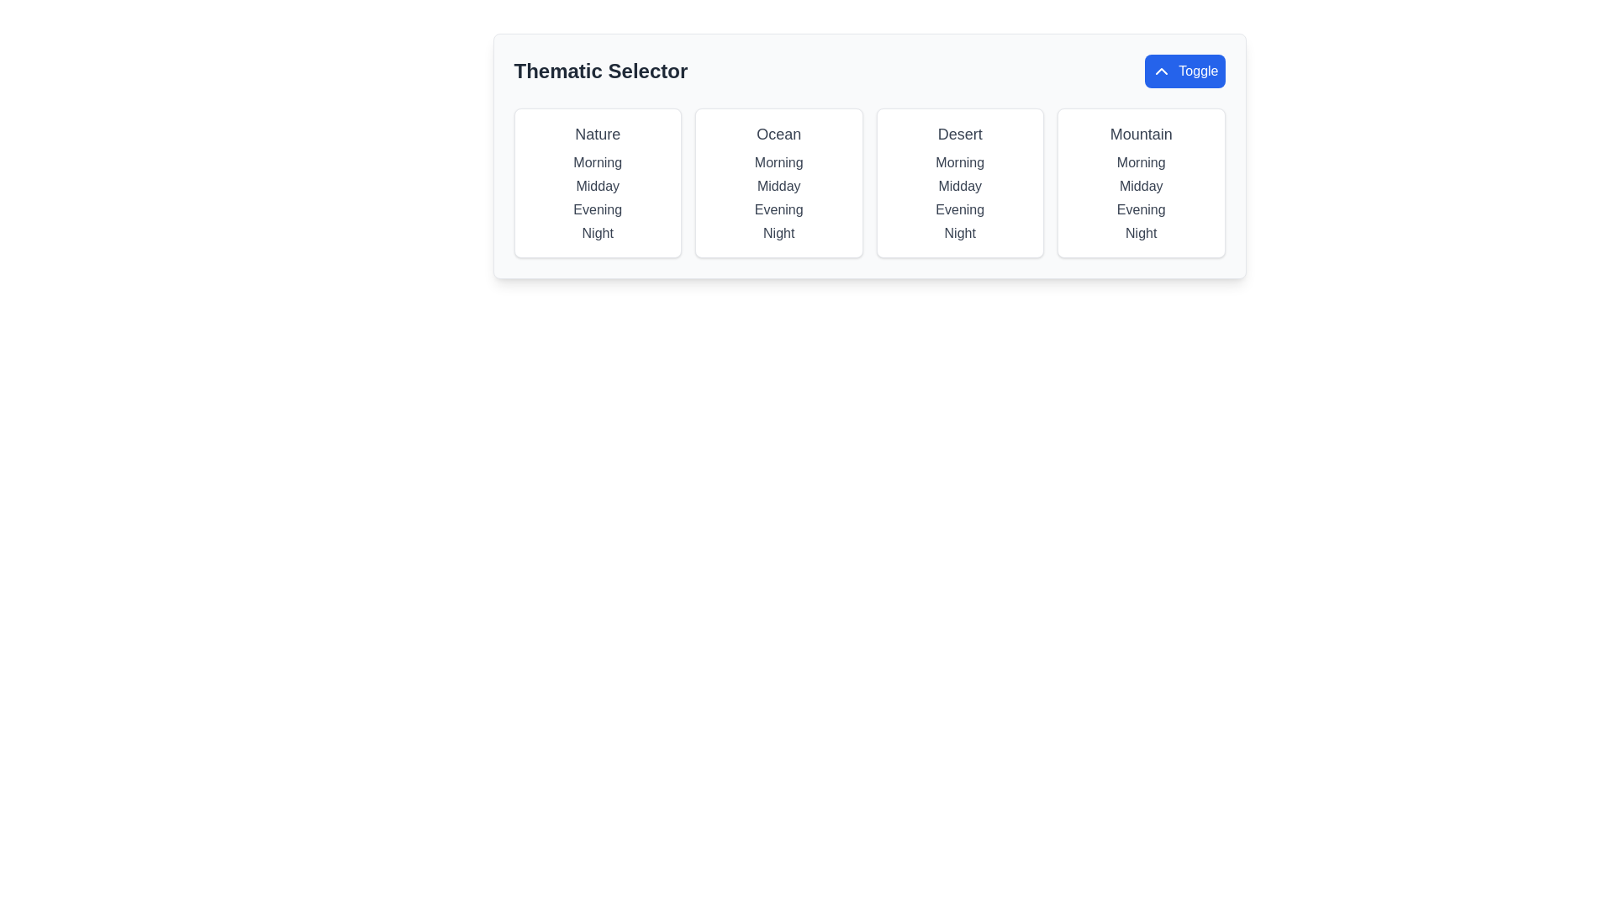  What do you see at coordinates (598, 209) in the screenshot?
I see `the third text label under the 'Nature' heading in the vertical list, which is positioned below 'Midday' and above 'Night'` at bounding box center [598, 209].